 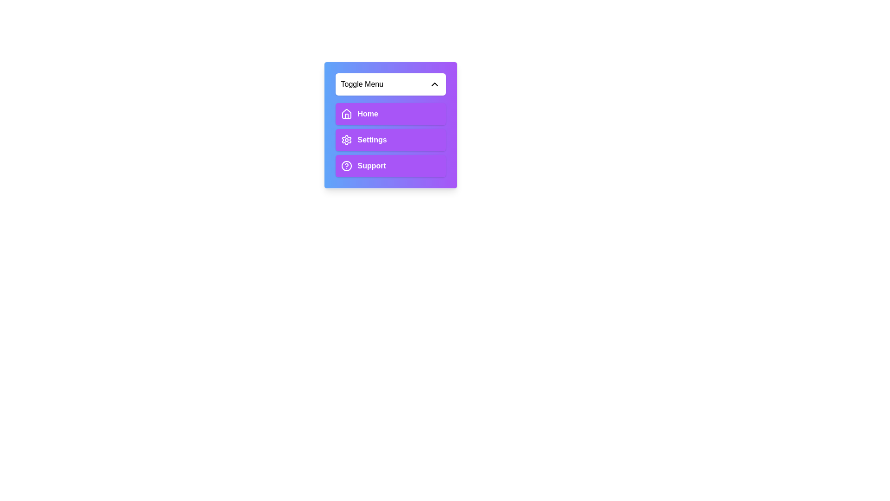 I want to click on the Text Label that indicates a link or action related to user support, located near the 'Support' button in the vertical menu, so click(x=372, y=166).